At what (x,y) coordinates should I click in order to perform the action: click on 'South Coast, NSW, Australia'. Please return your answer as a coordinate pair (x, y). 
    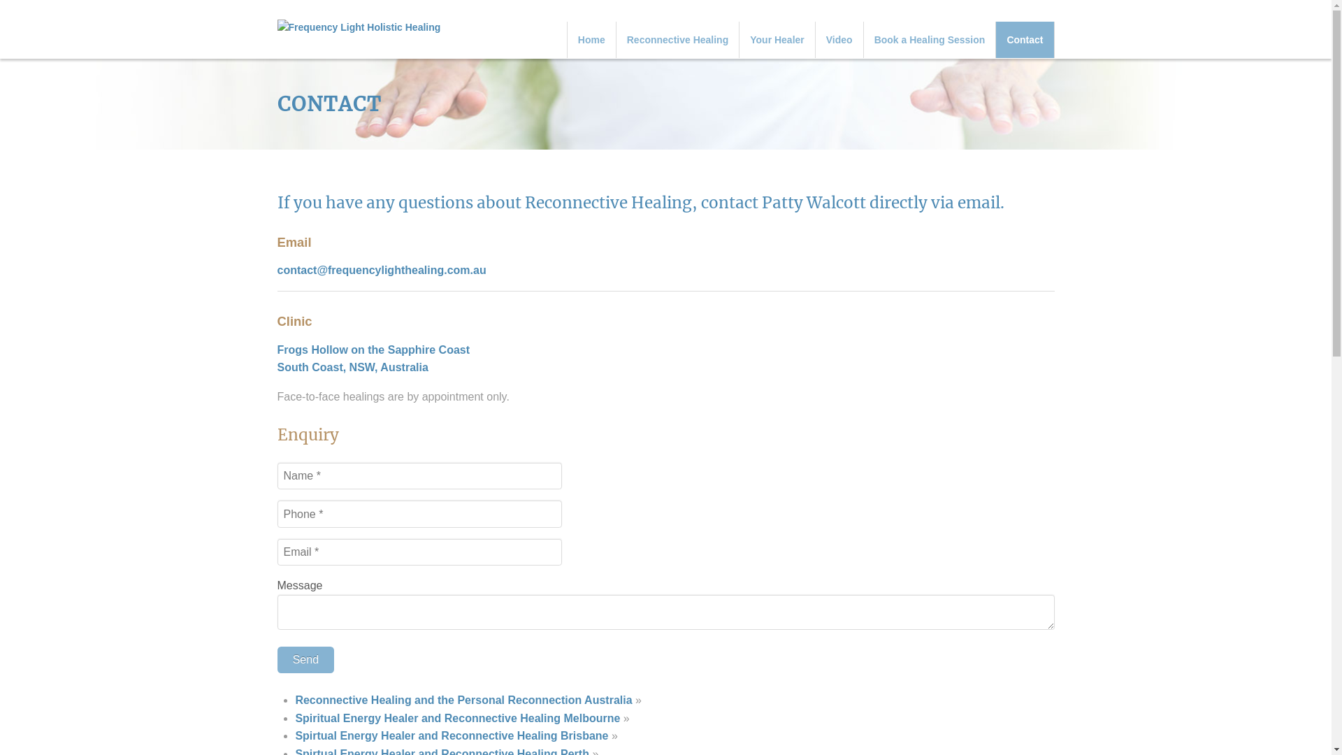
    Looking at the image, I should click on (352, 366).